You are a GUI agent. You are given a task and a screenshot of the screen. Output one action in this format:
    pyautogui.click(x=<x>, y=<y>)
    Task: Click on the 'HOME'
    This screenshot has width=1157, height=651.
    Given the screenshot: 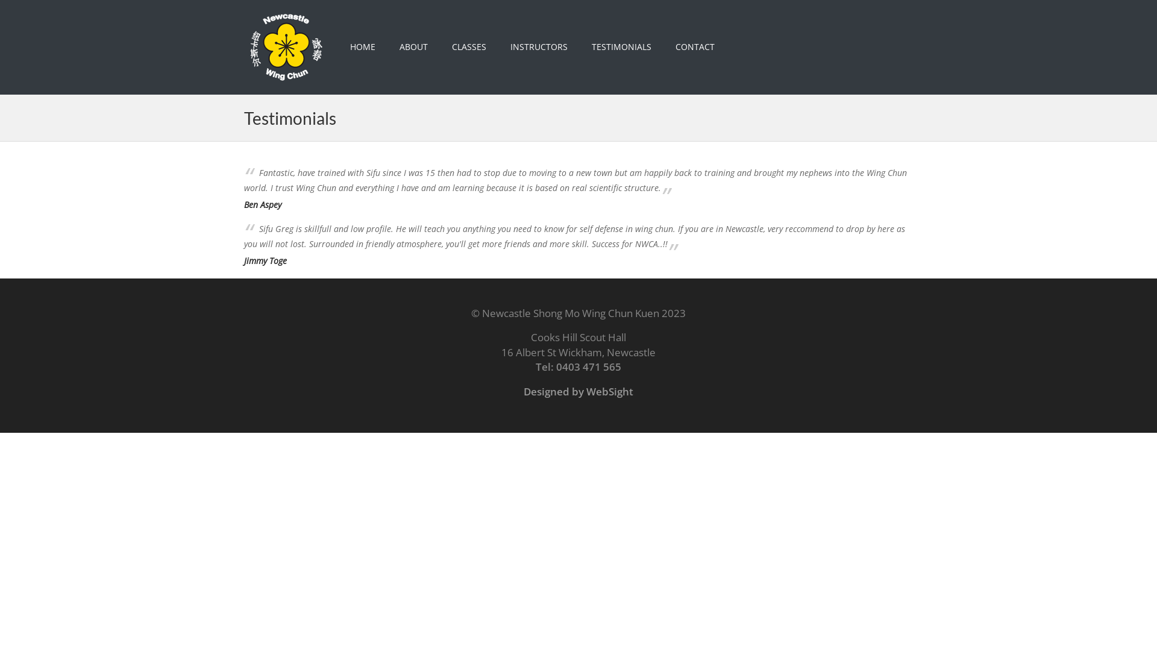 What is the action you would take?
    pyautogui.click(x=362, y=46)
    